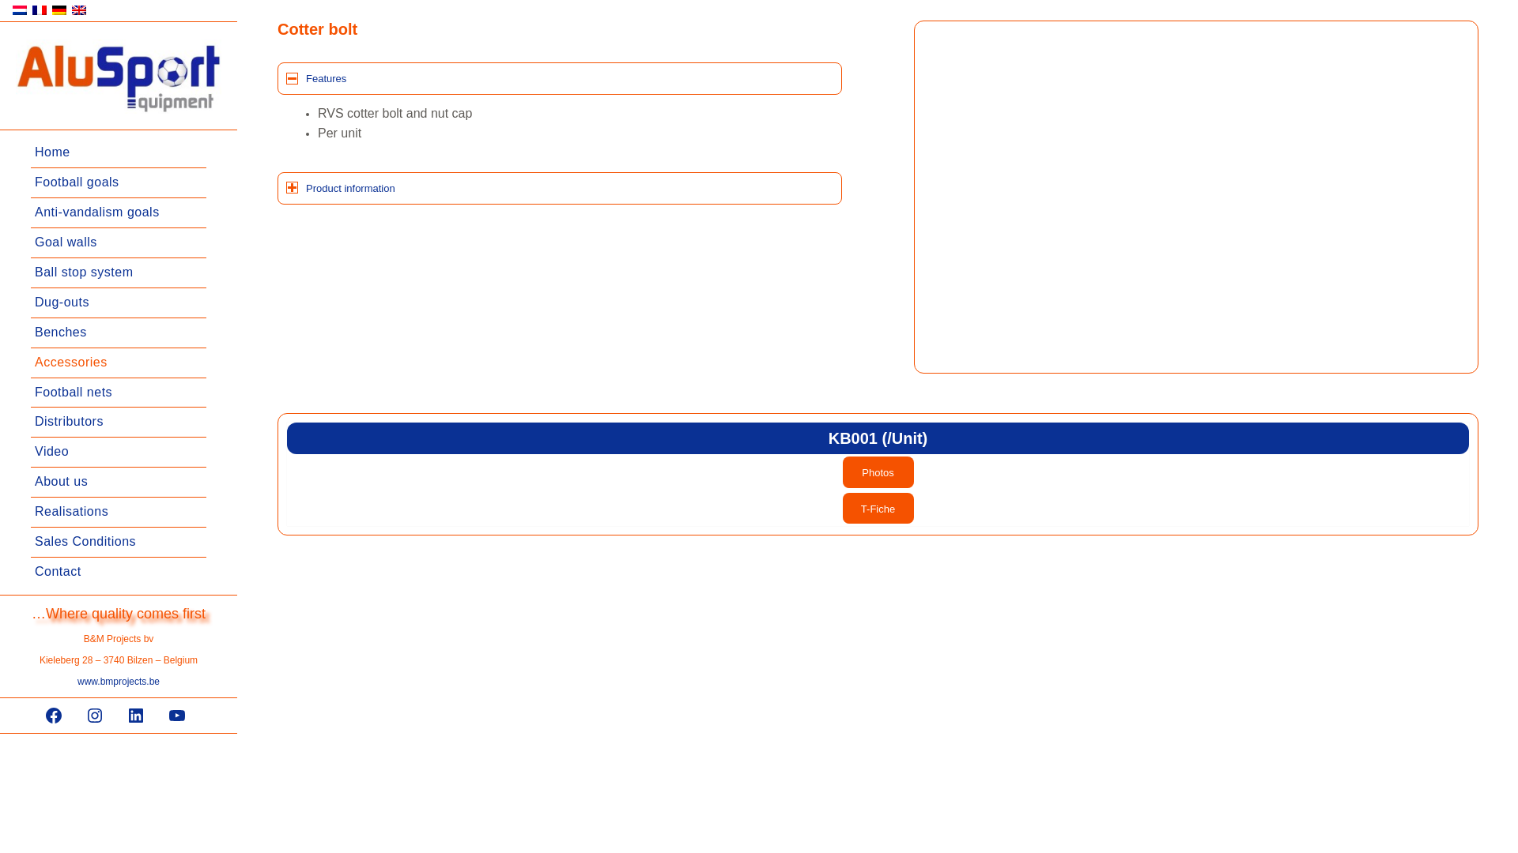  I want to click on 'Photos', so click(877, 471).